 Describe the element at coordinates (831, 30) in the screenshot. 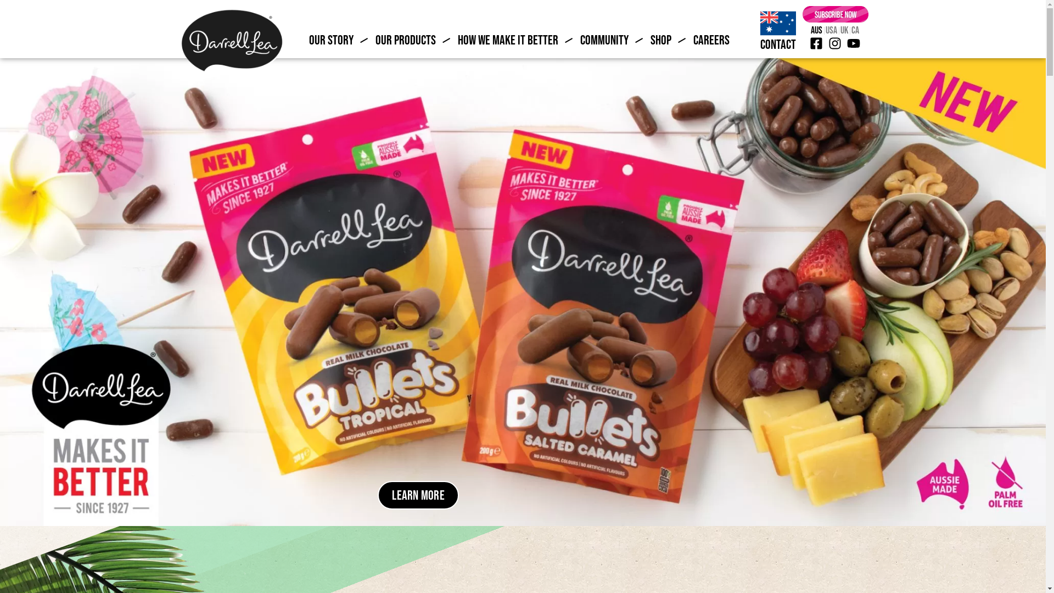

I see `'USA'` at that location.